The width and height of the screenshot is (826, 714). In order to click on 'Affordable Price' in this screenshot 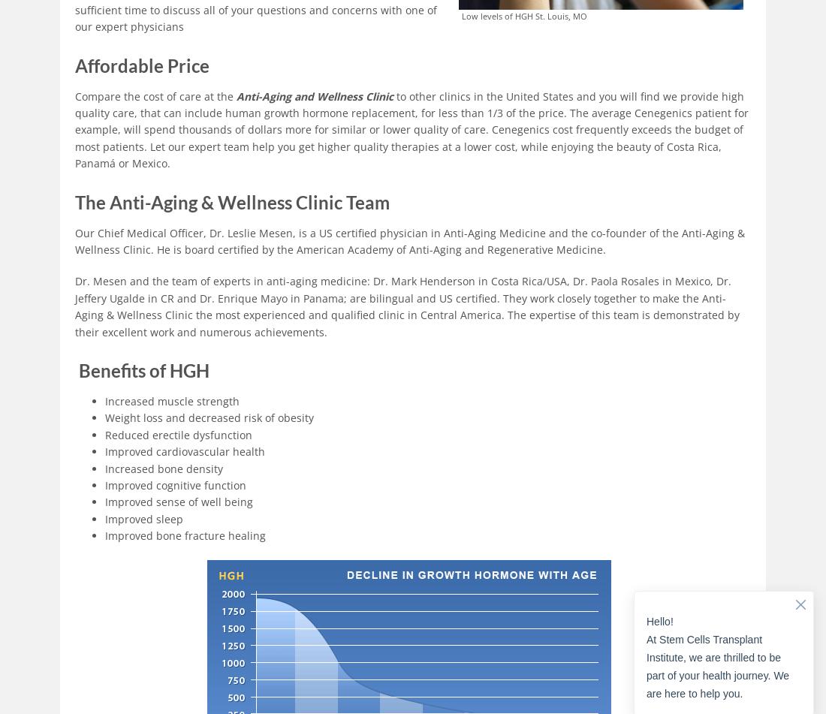, I will do `click(141, 65)`.